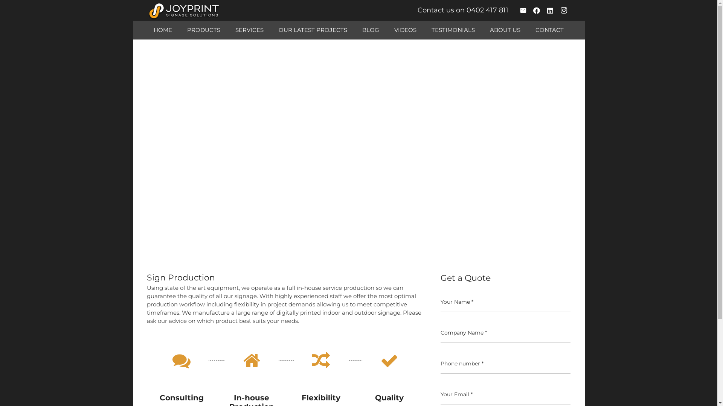 The image size is (723, 406). I want to click on 'CONTACT', so click(527, 30).